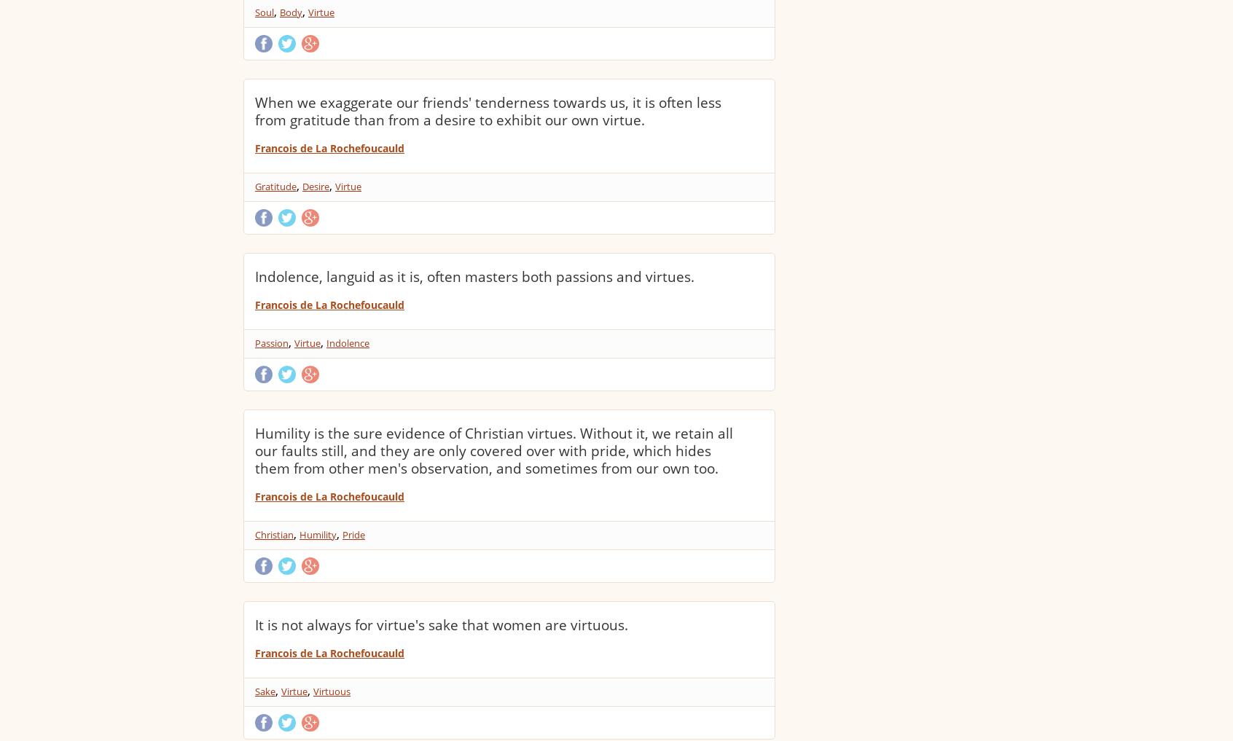 Image resolution: width=1233 pixels, height=741 pixels. What do you see at coordinates (274, 533) in the screenshot?
I see `'Christian'` at bounding box center [274, 533].